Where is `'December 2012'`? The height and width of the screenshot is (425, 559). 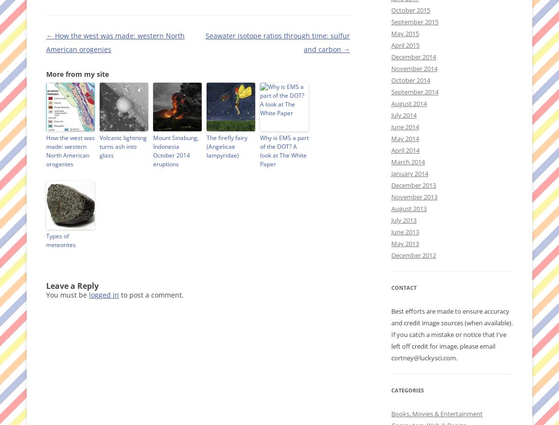
'December 2012' is located at coordinates (391, 255).